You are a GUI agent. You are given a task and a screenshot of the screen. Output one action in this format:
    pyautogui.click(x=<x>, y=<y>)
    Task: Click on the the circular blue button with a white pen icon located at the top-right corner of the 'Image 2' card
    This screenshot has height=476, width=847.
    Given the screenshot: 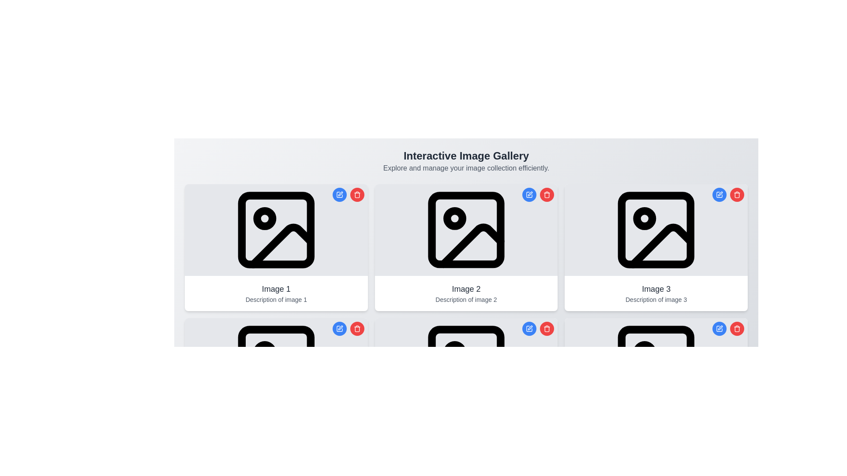 What is the action you would take?
    pyautogui.click(x=529, y=328)
    